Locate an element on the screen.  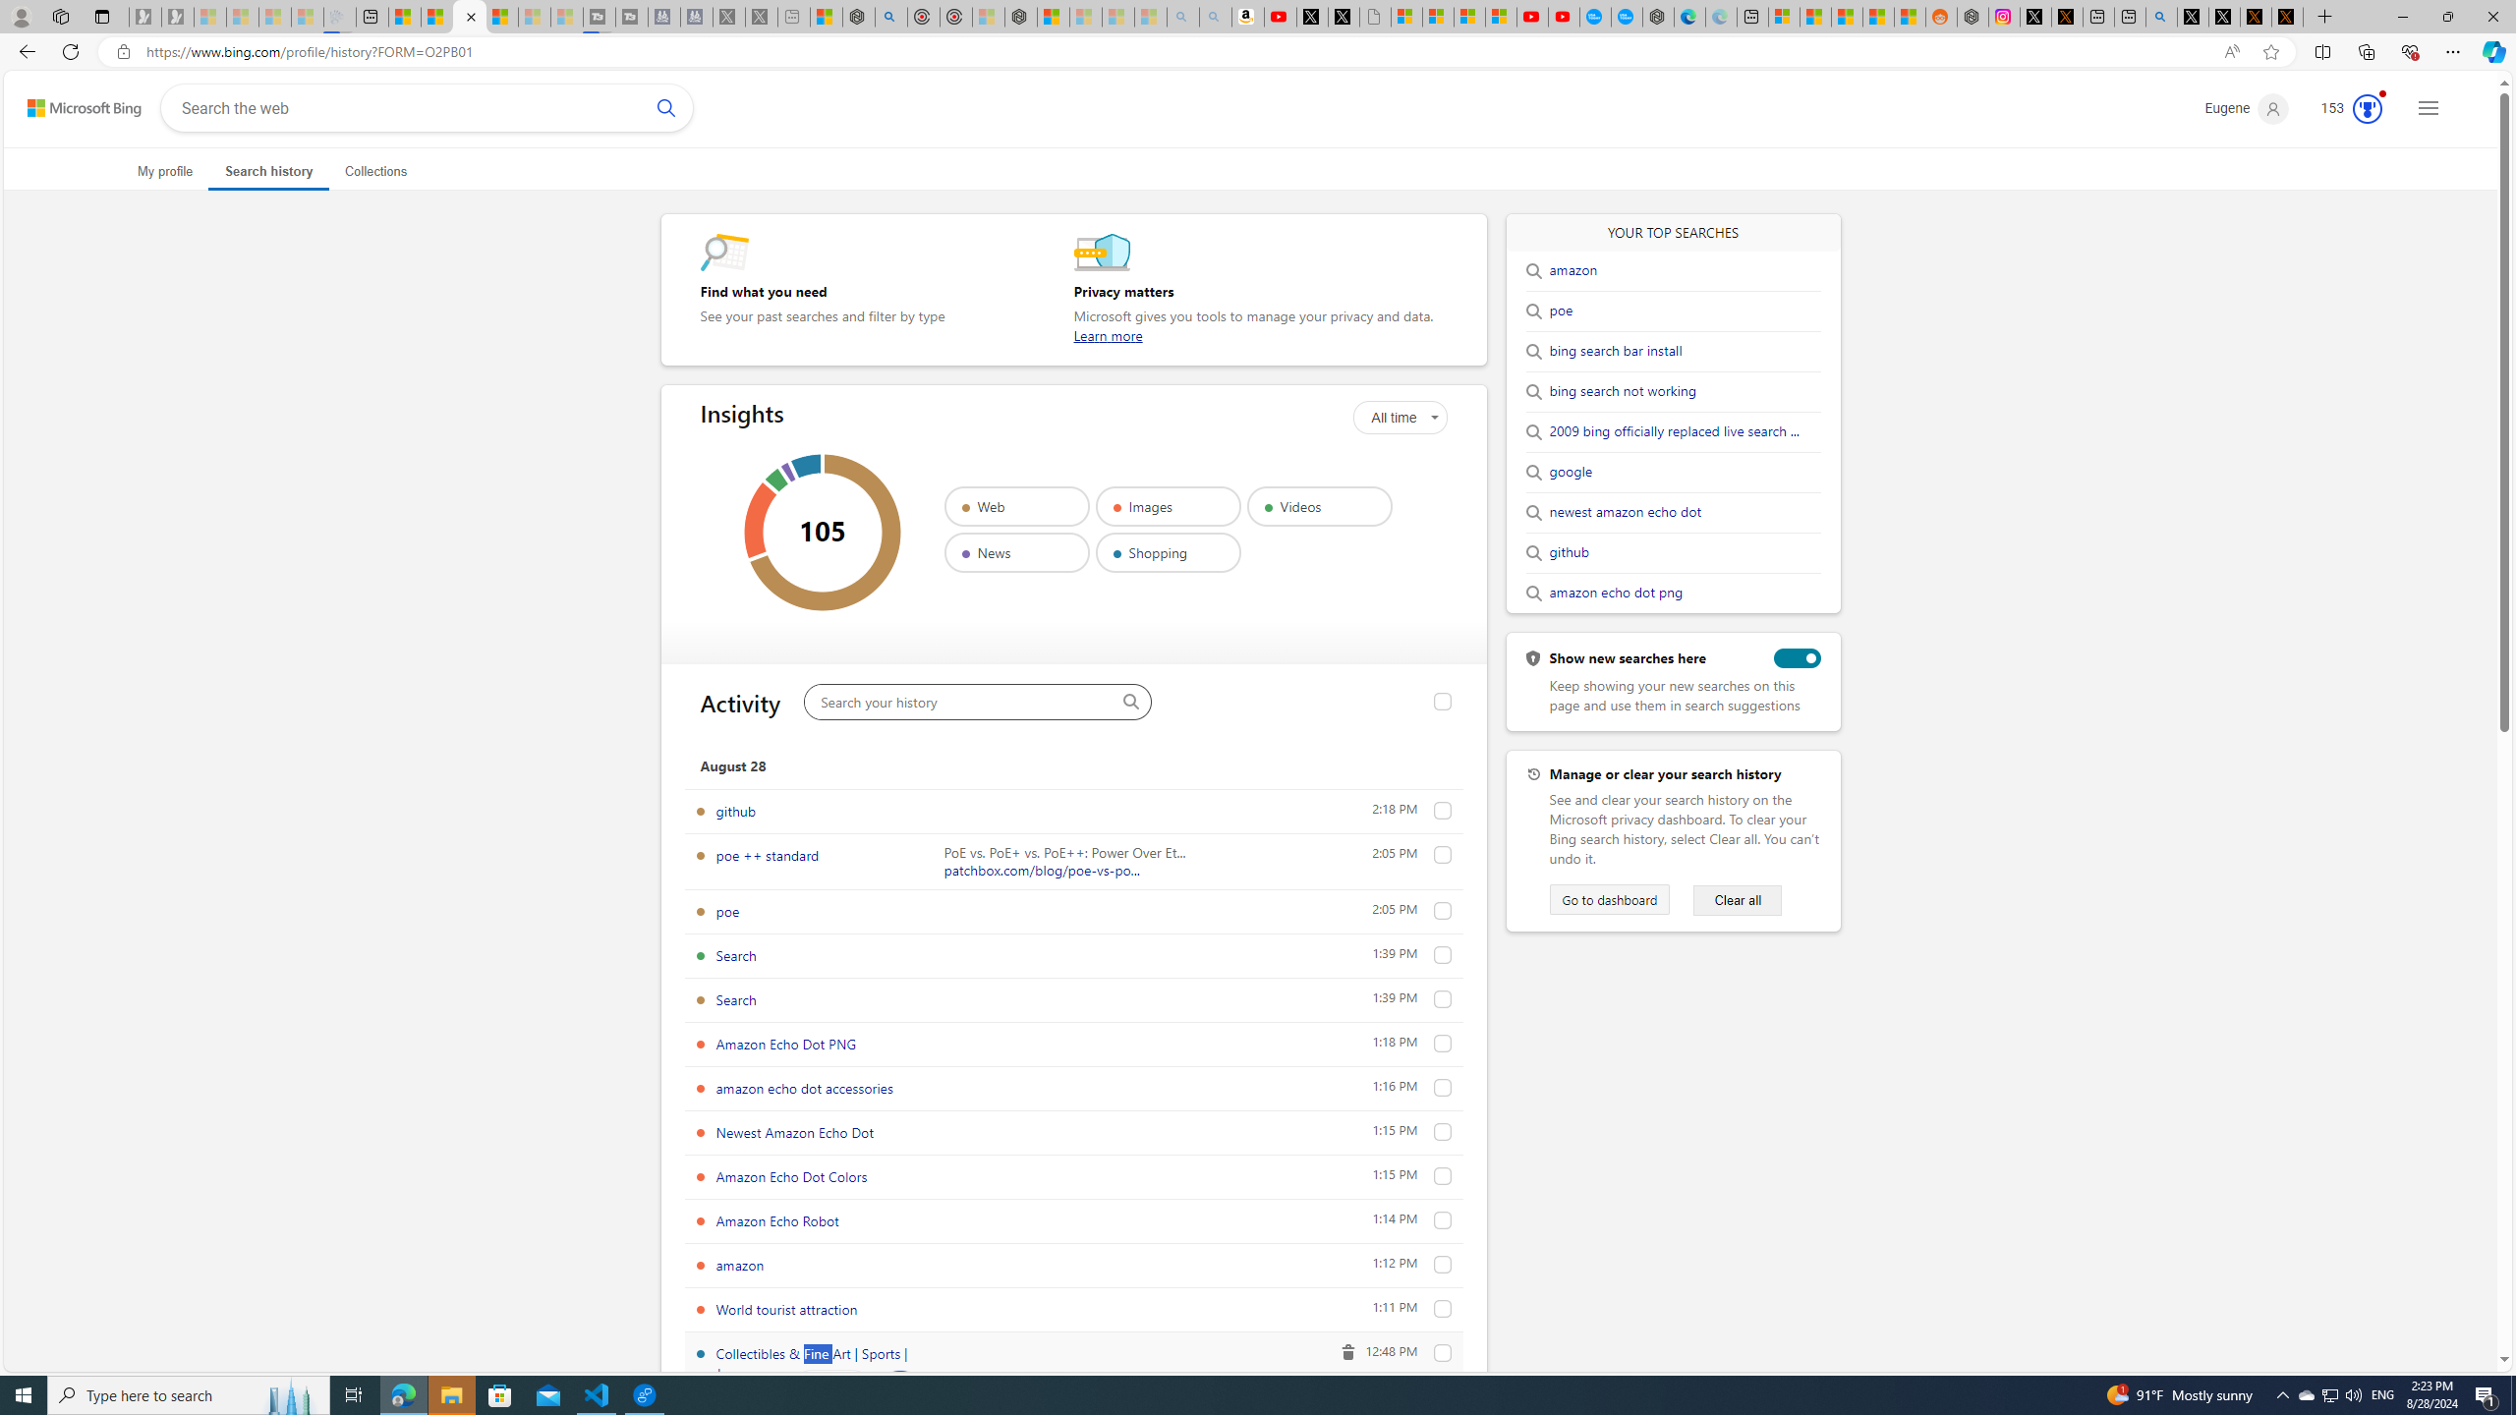
'Collections' is located at coordinates (375, 170).